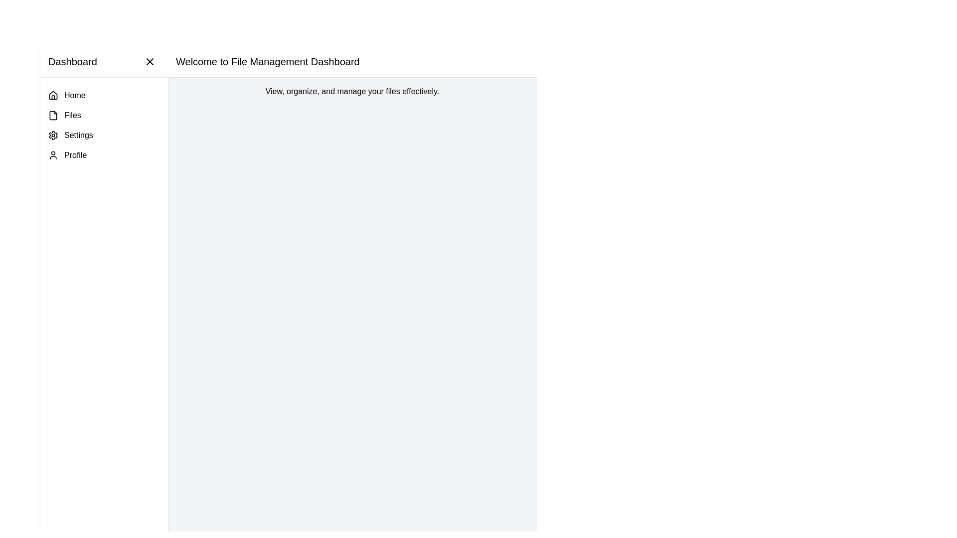  I want to click on the 'Home' hyperlink in the left sidebar, so click(104, 96).